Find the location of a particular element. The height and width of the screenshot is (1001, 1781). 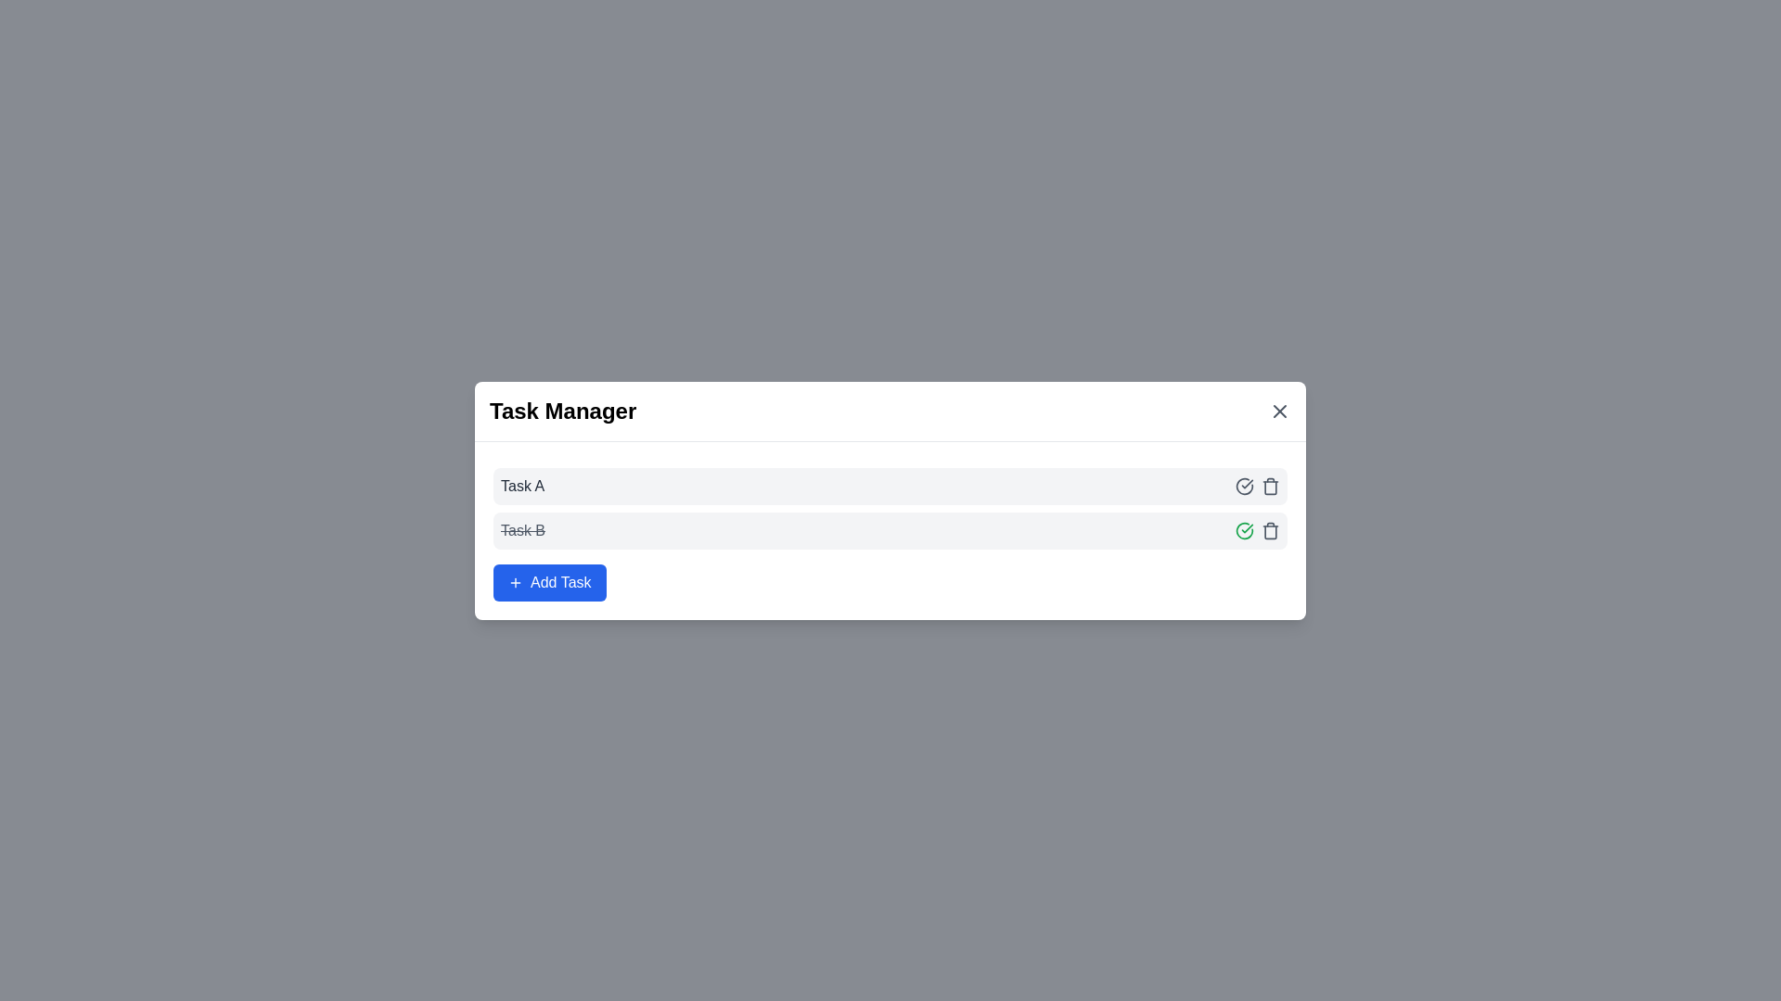

the 'Add Task' button with a blue background and white text is located at coordinates (548, 581).